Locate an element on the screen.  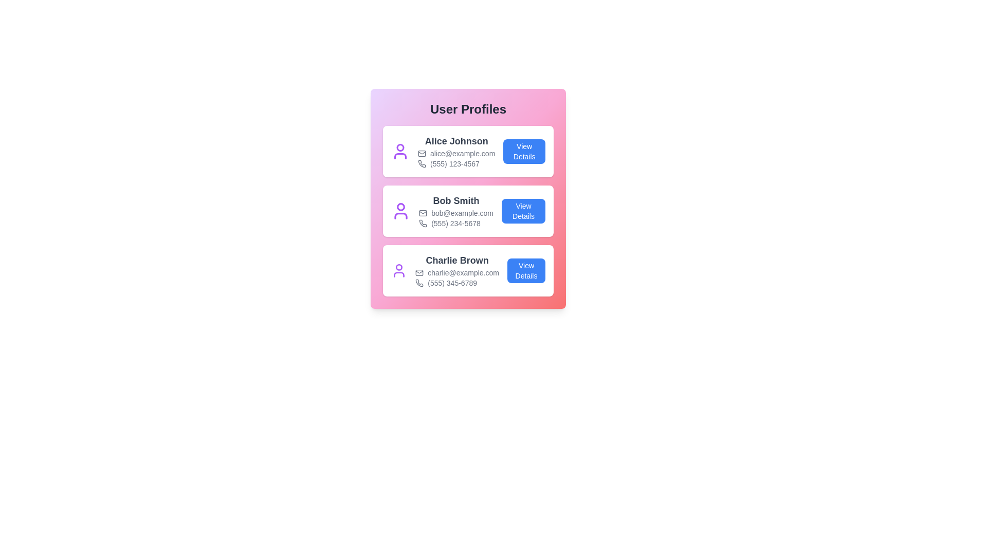
the user profile card for Charlie Brown is located at coordinates (468, 270).